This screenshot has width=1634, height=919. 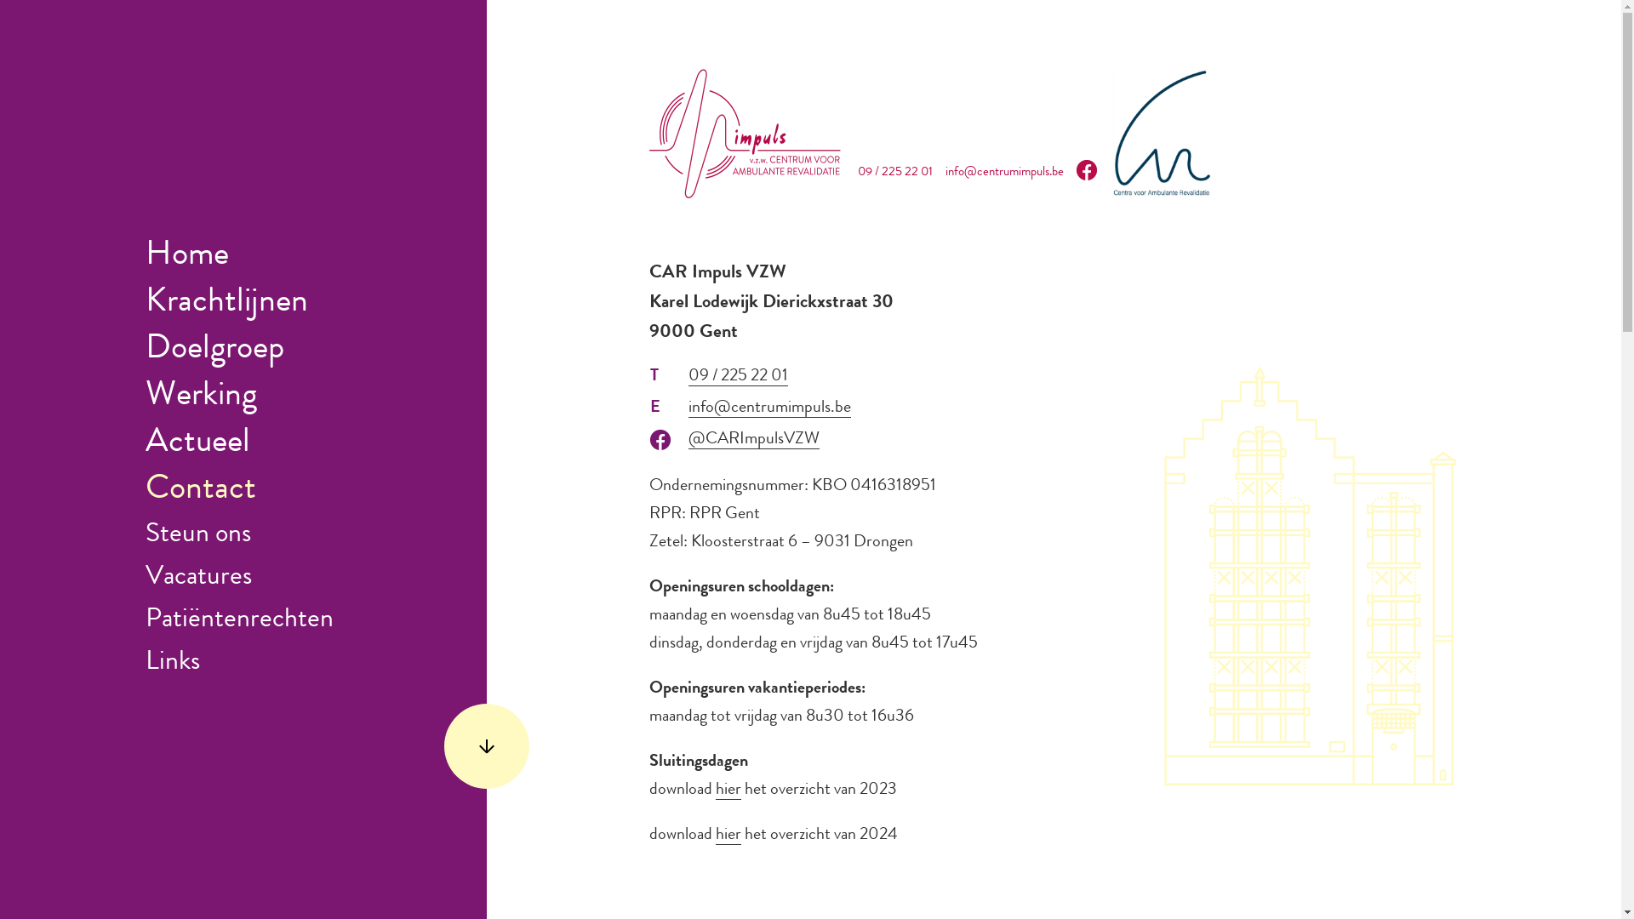 I want to click on 'Steun ons', so click(x=198, y=534).